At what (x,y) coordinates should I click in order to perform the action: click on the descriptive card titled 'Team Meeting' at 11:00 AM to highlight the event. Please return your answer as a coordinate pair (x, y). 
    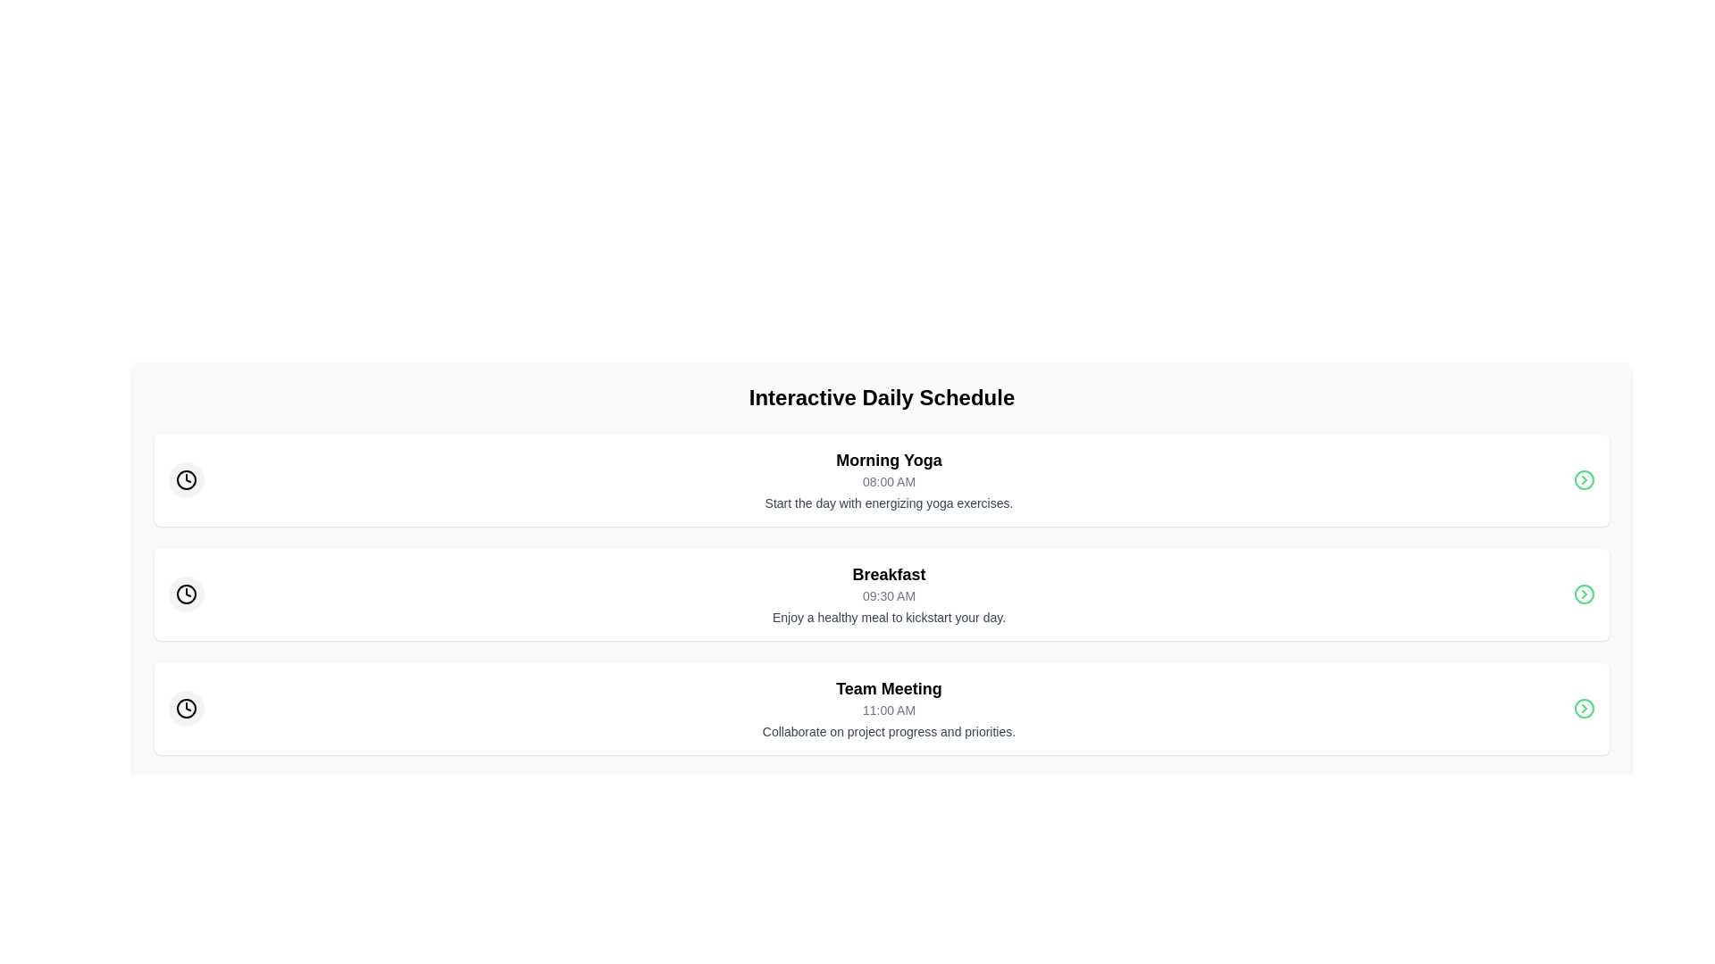
    Looking at the image, I should click on (889, 708).